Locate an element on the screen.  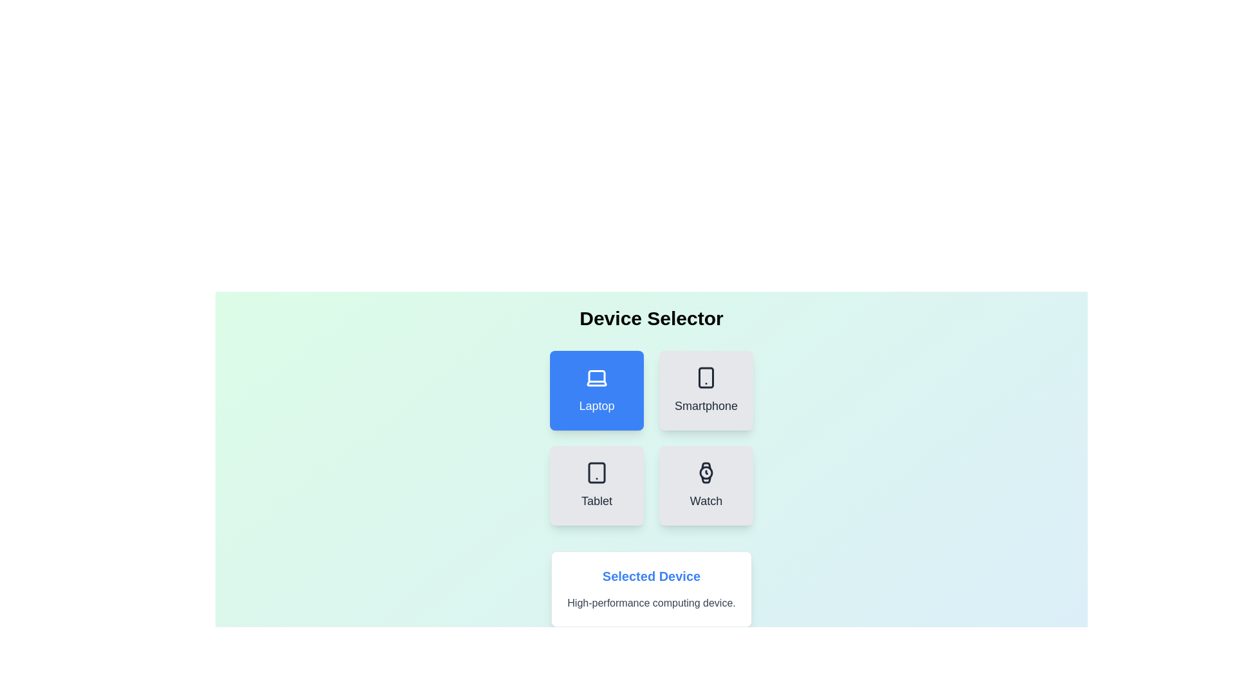
the button labeled Smartphone is located at coordinates (706, 390).